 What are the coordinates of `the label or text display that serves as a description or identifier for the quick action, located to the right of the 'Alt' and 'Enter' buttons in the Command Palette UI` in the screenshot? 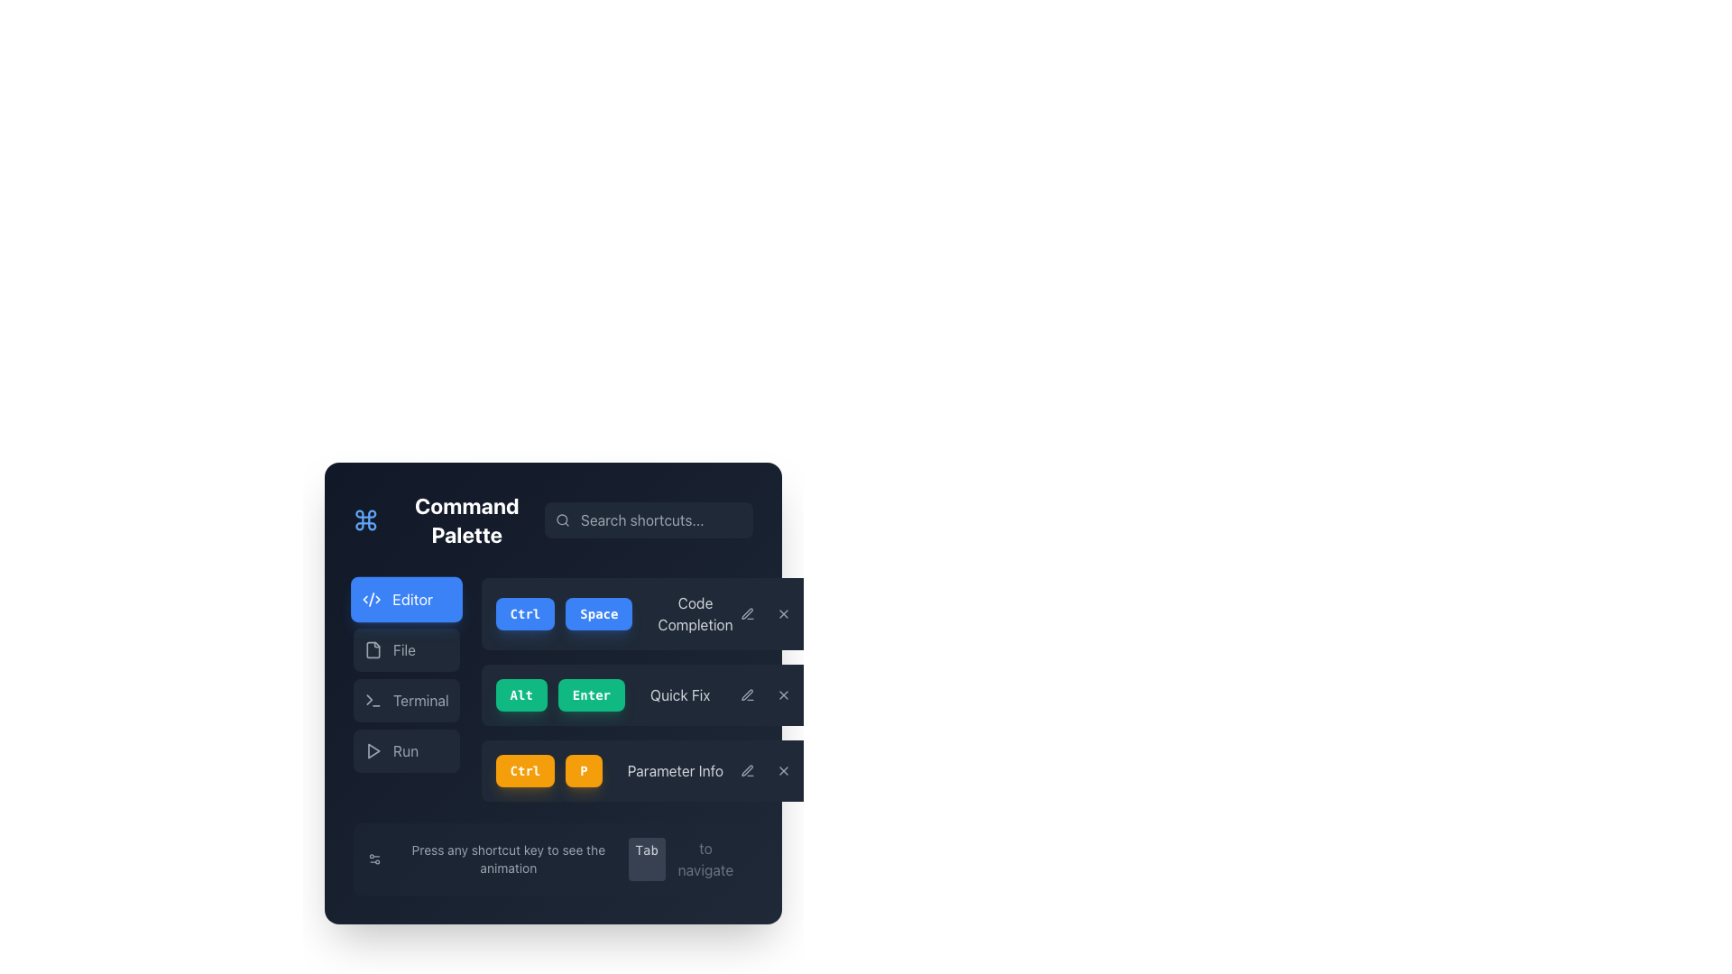 It's located at (679, 694).